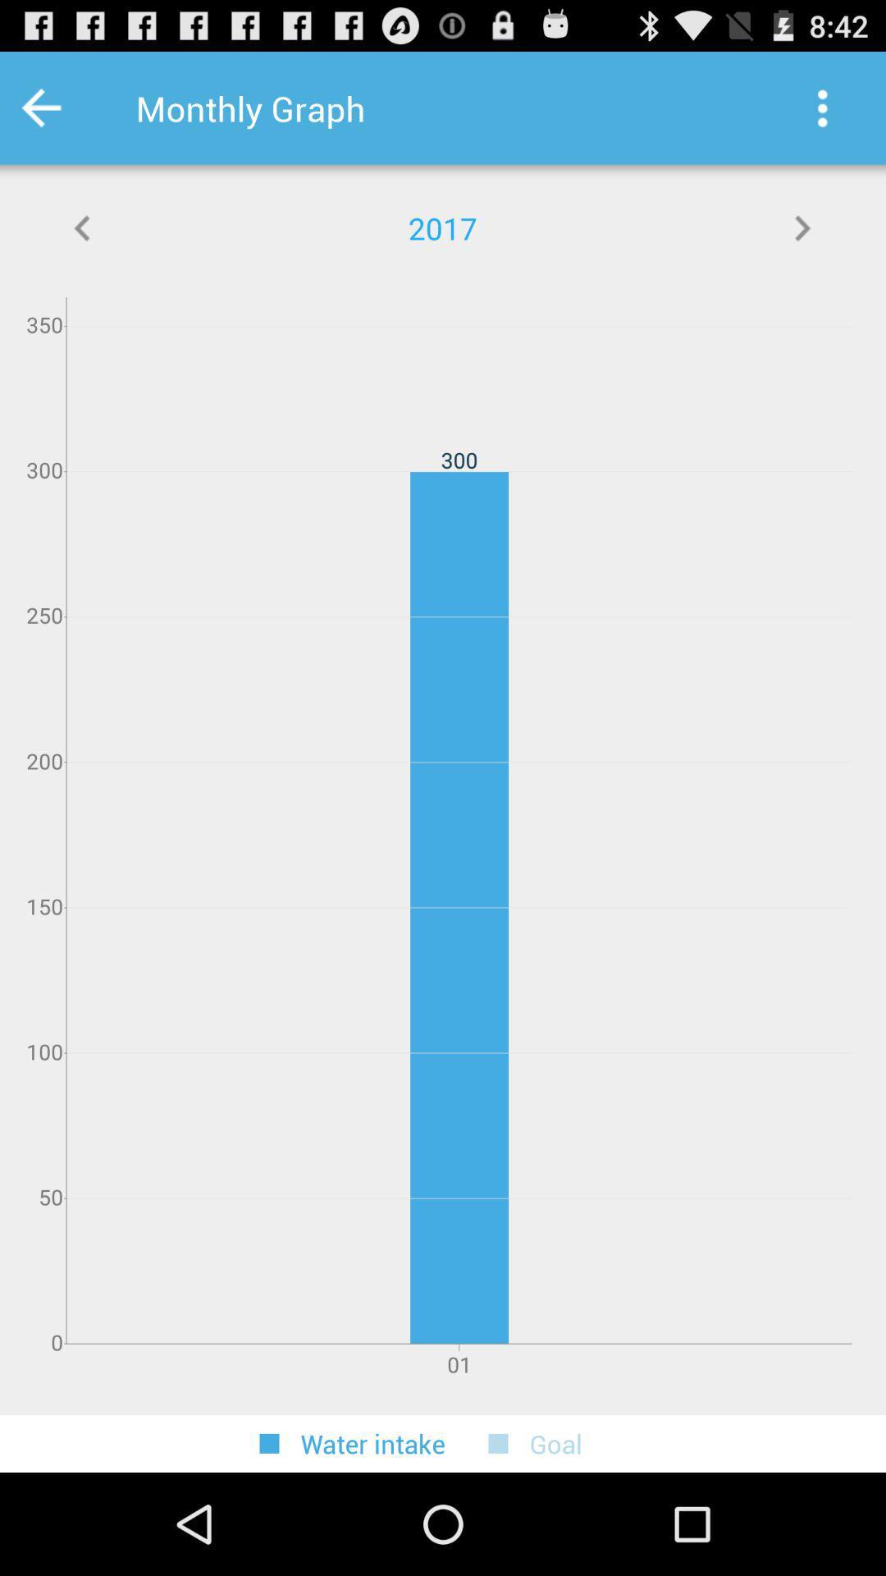 This screenshot has height=1576, width=886. Describe the element at coordinates (62, 108) in the screenshot. I see `item next to monthly graph app` at that location.